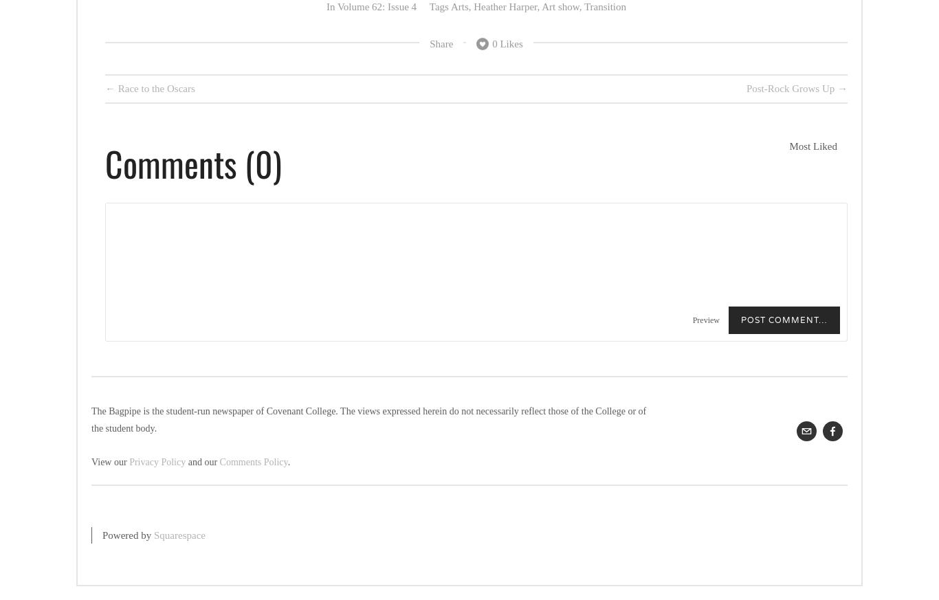 The width and height of the screenshot is (939, 600). Describe the element at coordinates (797, 89) in the screenshot. I see `'Post-Rock Grows Up →'` at that location.